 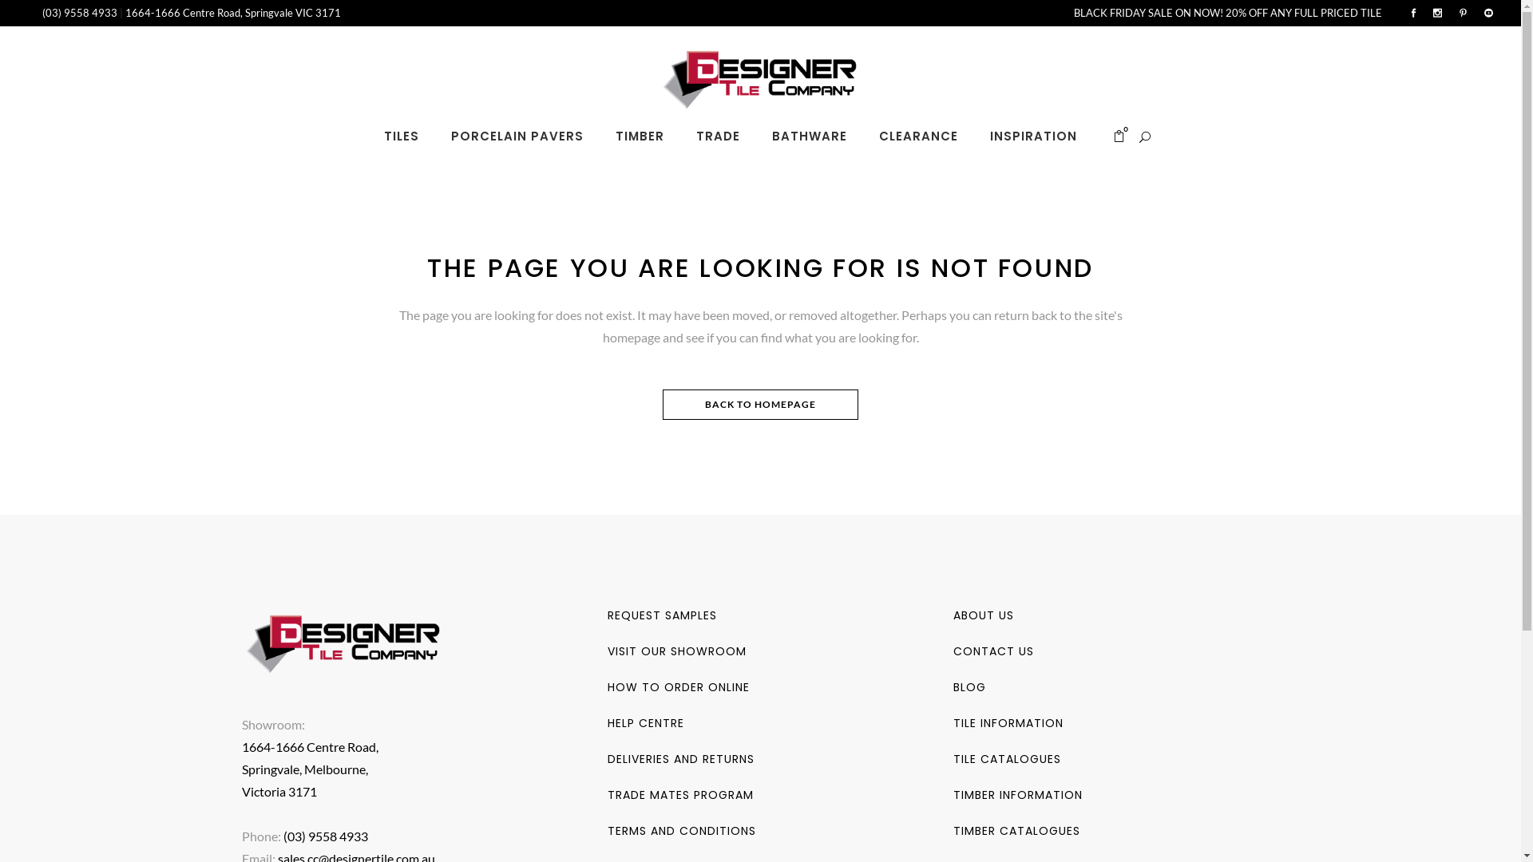 What do you see at coordinates (759, 403) in the screenshot?
I see `'BACK TO HOMEPAGE'` at bounding box center [759, 403].